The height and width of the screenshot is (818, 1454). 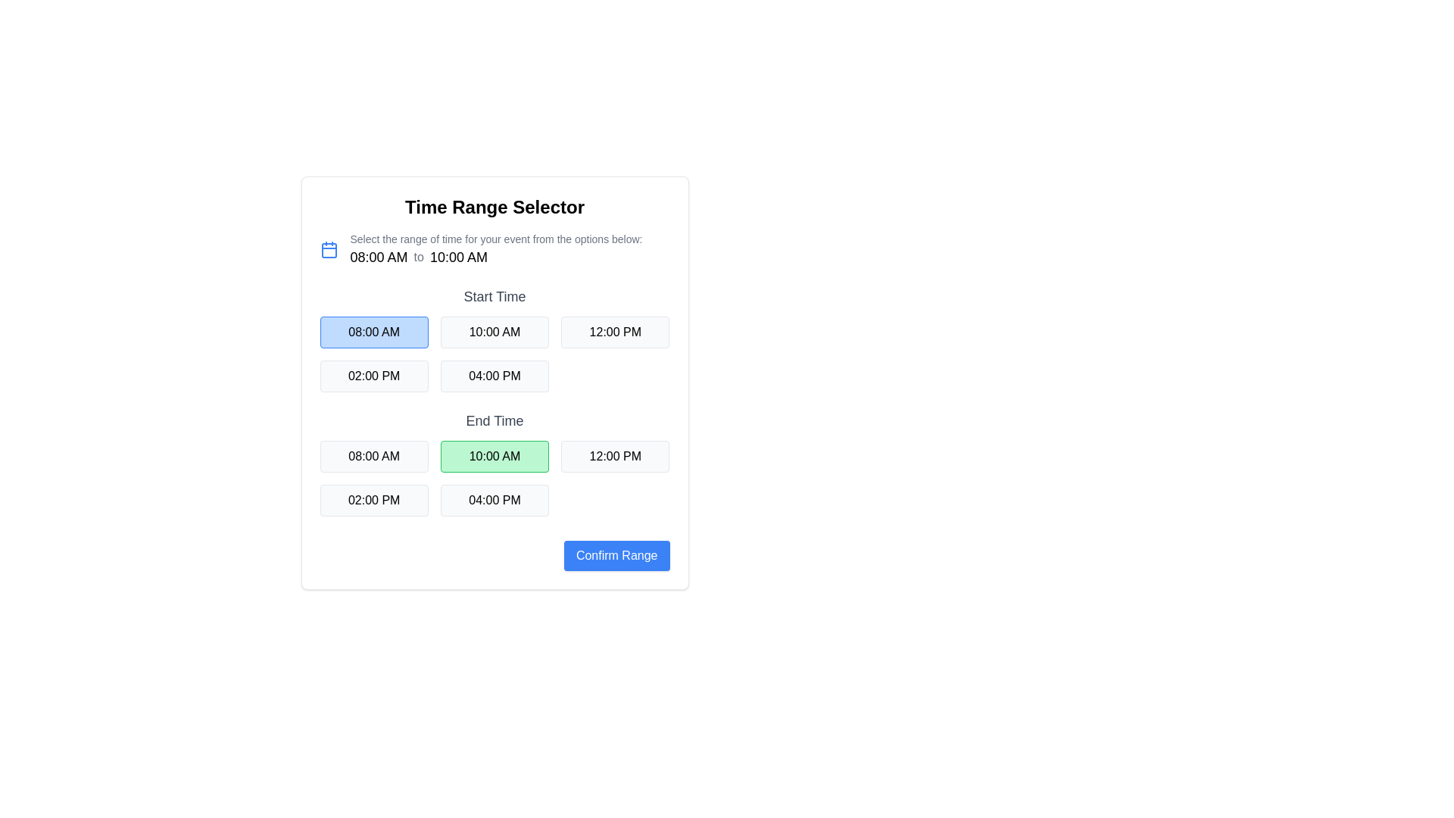 What do you see at coordinates (495, 332) in the screenshot?
I see `the button that allows users to select '10:00 AM' in the time range selection interface to trigger a hover effect` at bounding box center [495, 332].